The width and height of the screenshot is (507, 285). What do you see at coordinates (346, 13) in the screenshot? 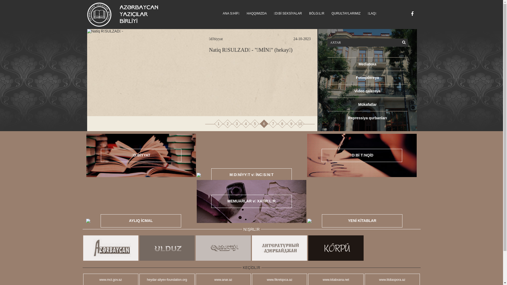
I see `'QURULTAYLARIMIZ'` at bounding box center [346, 13].